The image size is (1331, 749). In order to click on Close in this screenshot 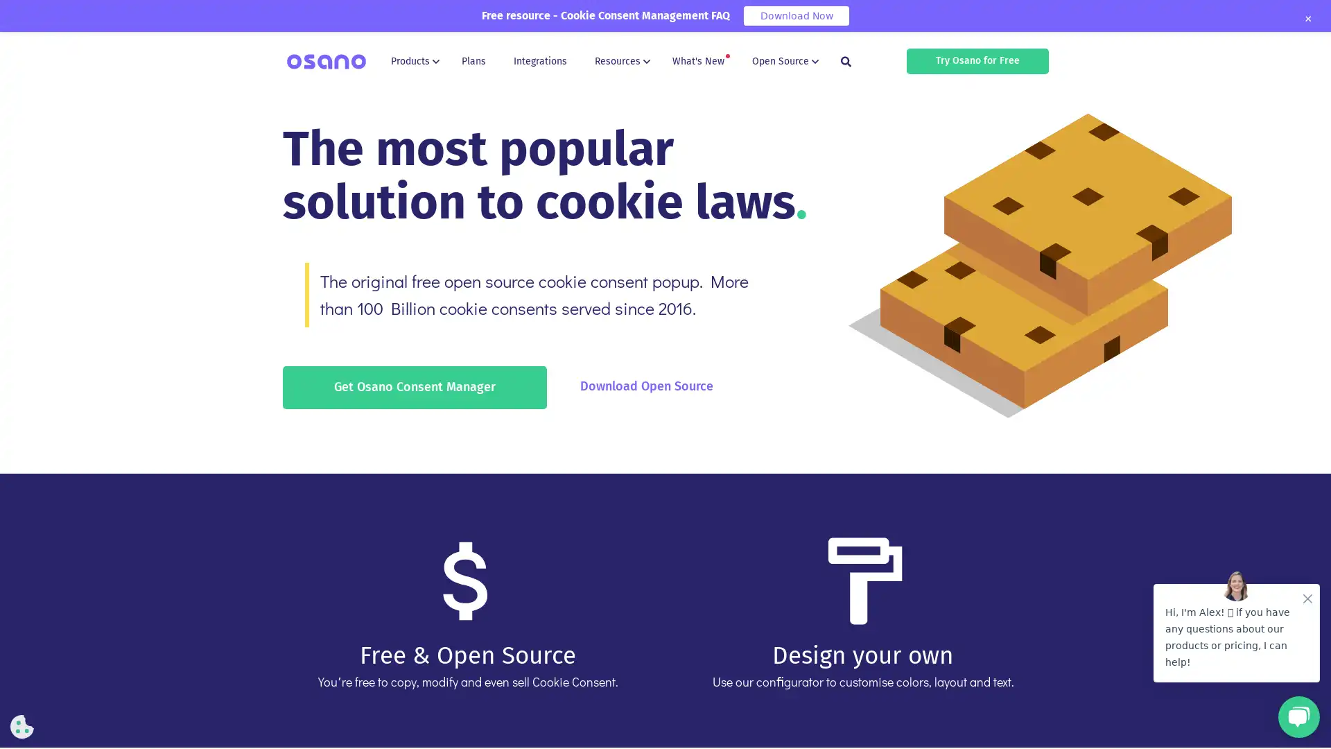, I will do `click(1307, 19)`.